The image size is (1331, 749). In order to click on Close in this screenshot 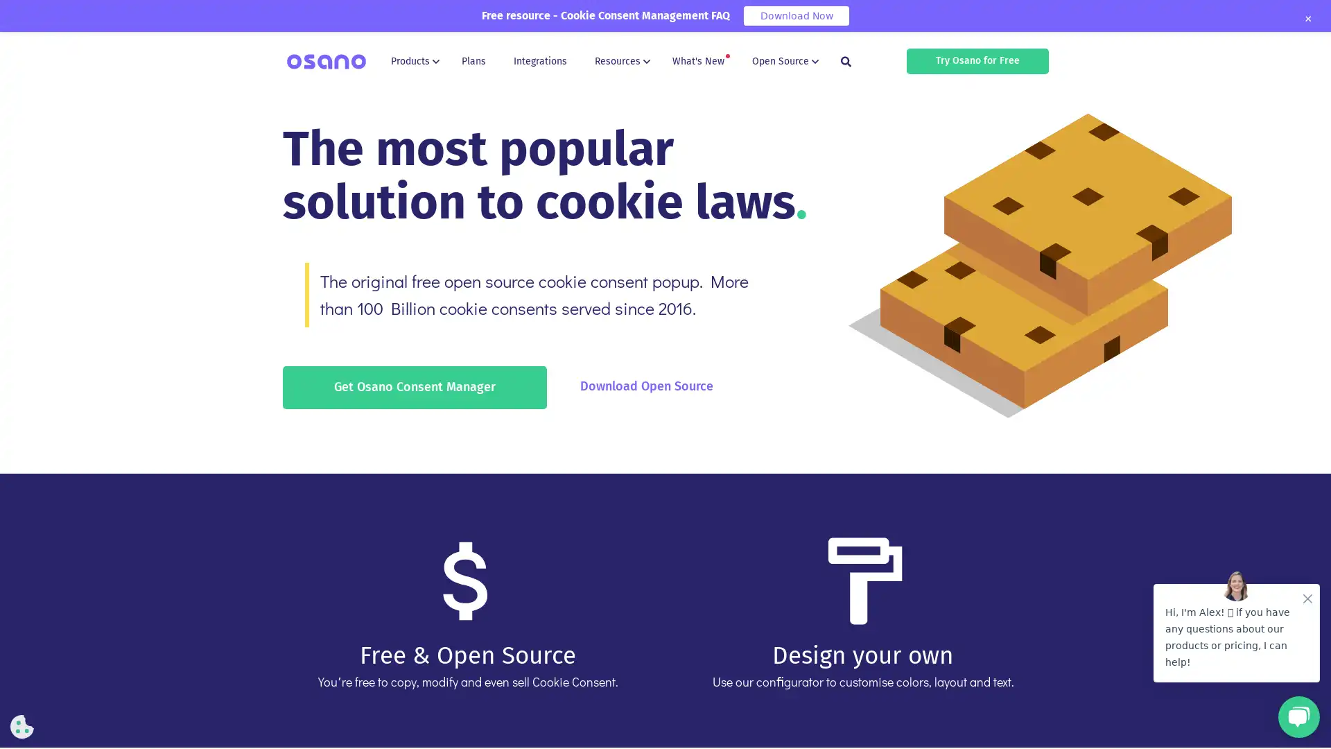, I will do `click(1307, 19)`.